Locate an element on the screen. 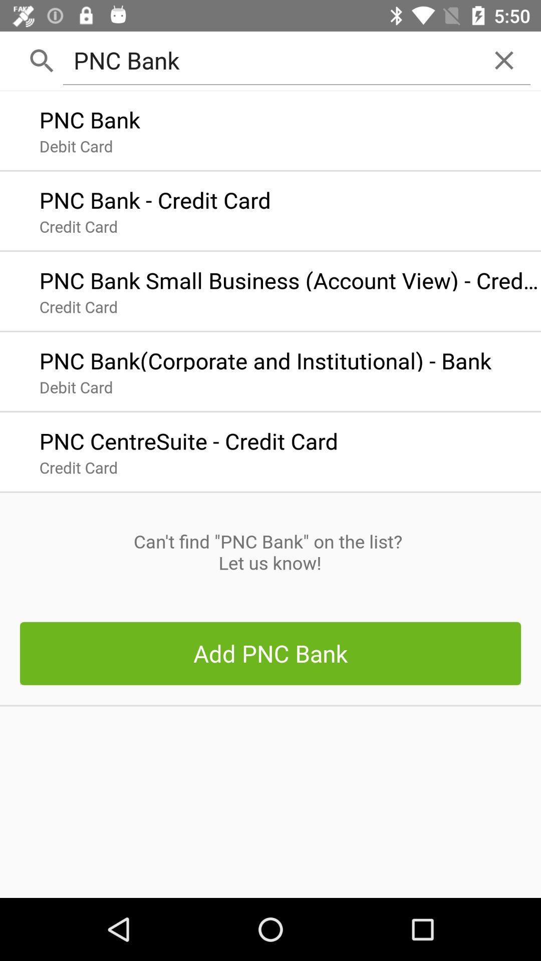  button above add pnc bank is located at coordinates (269, 552).